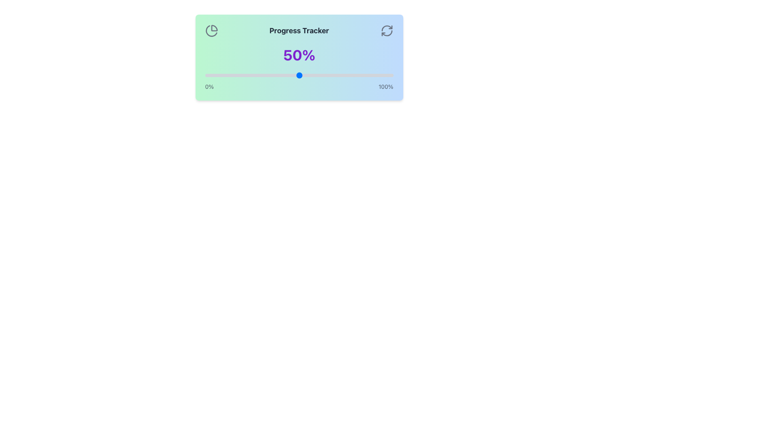  Describe the element at coordinates (209, 86) in the screenshot. I see `the text element displaying '0%' styled in a small gray font, located at the bottom-left of the slider component` at that location.